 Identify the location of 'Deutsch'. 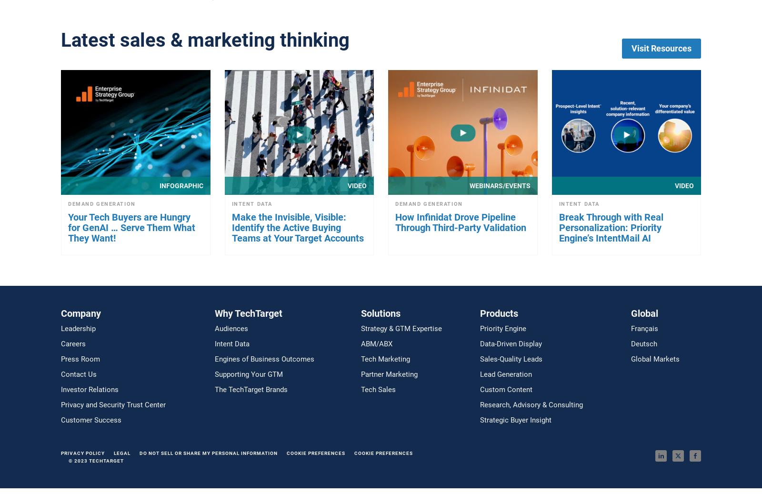
(630, 343).